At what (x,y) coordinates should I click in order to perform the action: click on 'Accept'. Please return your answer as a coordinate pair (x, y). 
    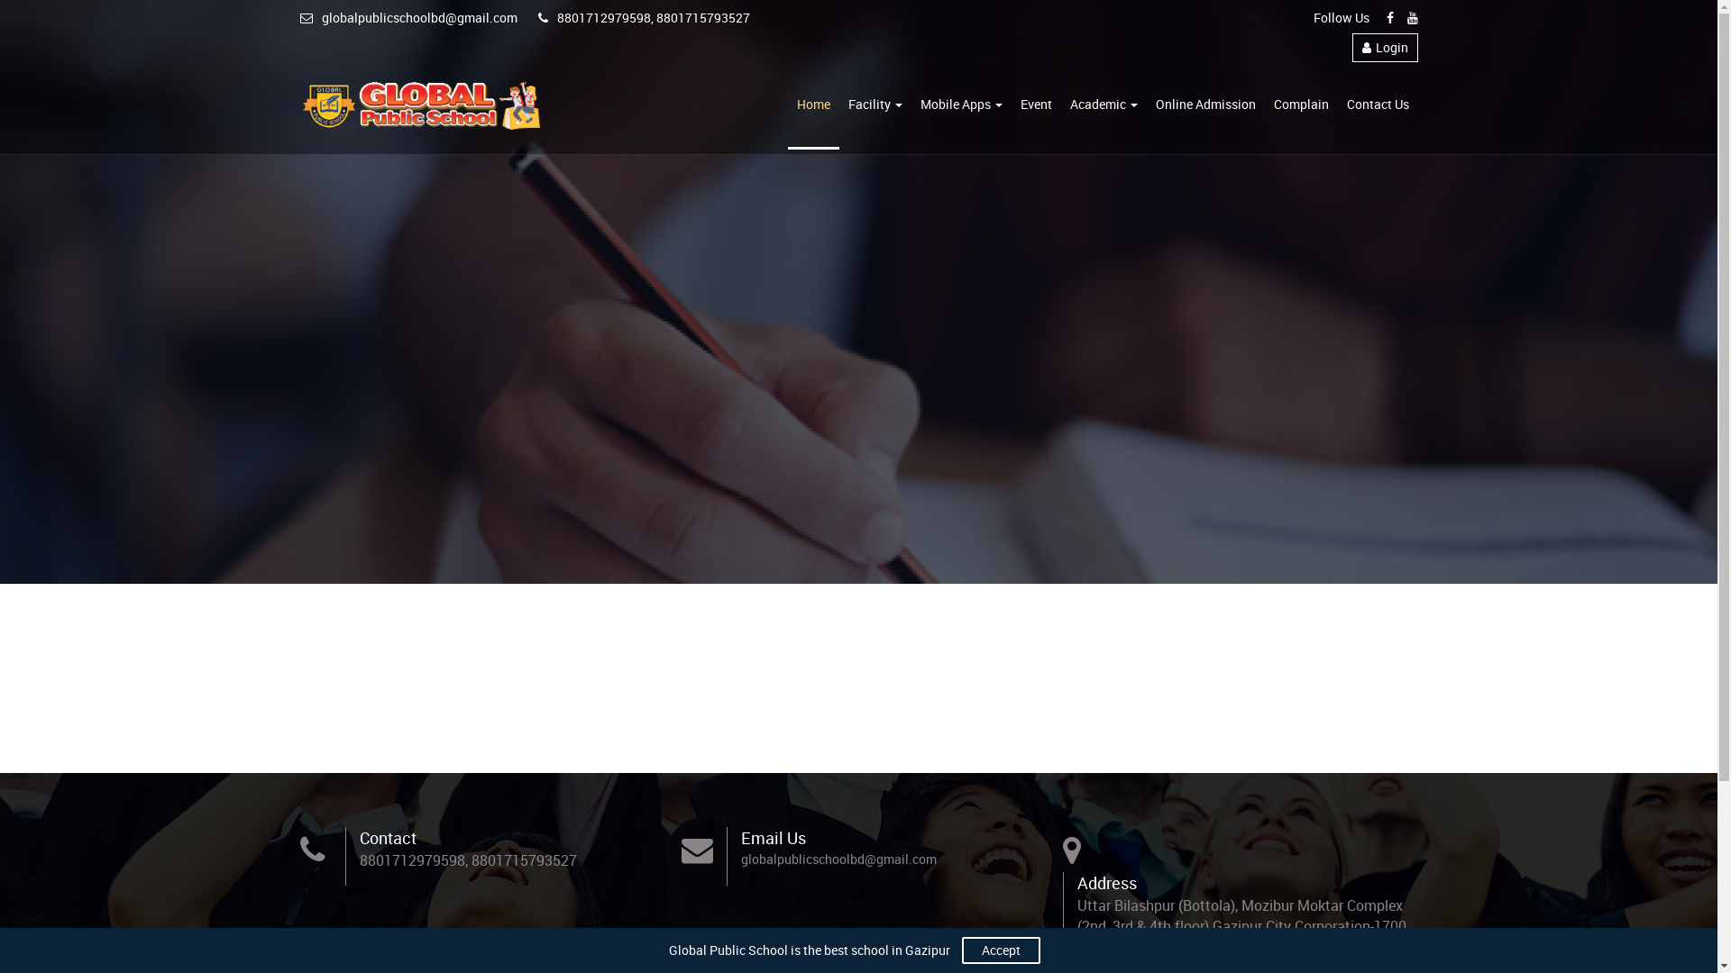
    Looking at the image, I should click on (999, 950).